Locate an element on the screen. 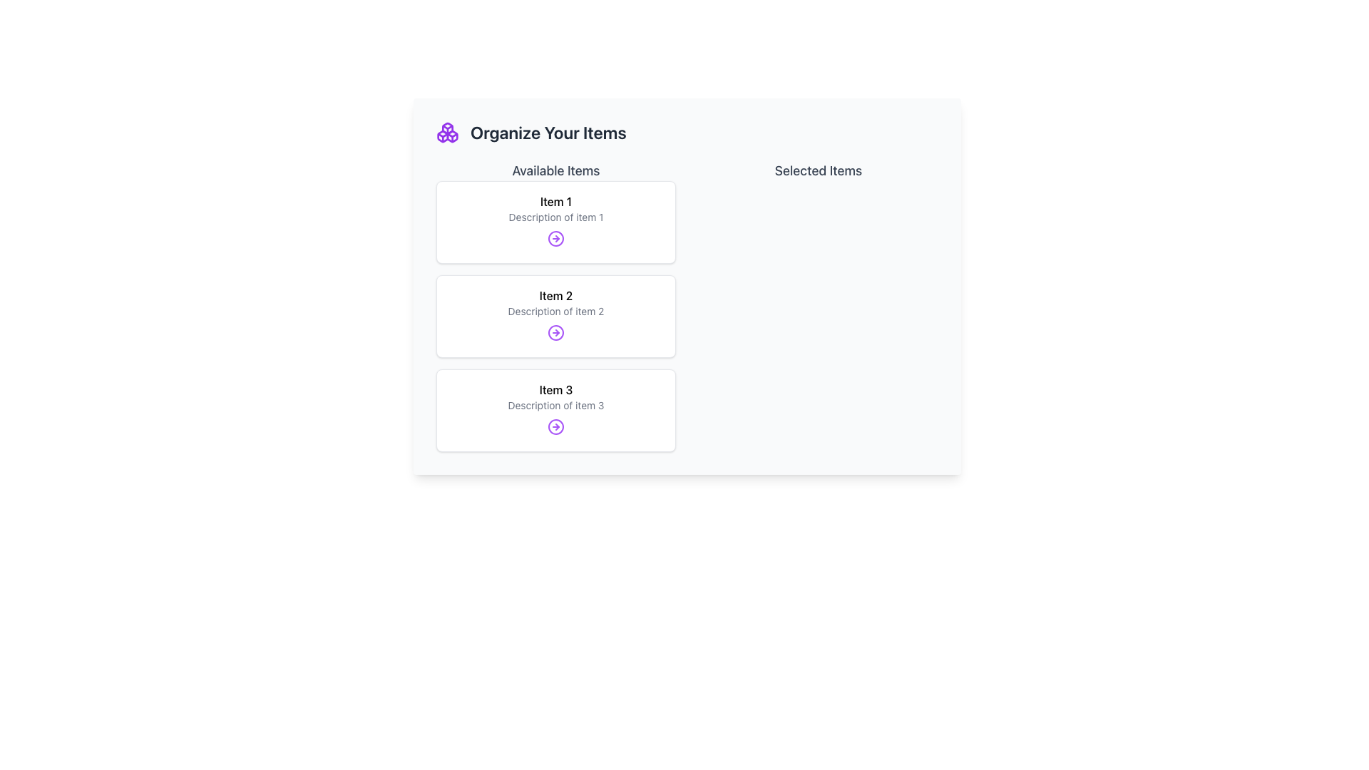 The height and width of the screenshot is (770, 1369). the Static Text Label located under the heading 'Item 1' in the first item box, providing additional information about the item is located at coordinates (555, 217).